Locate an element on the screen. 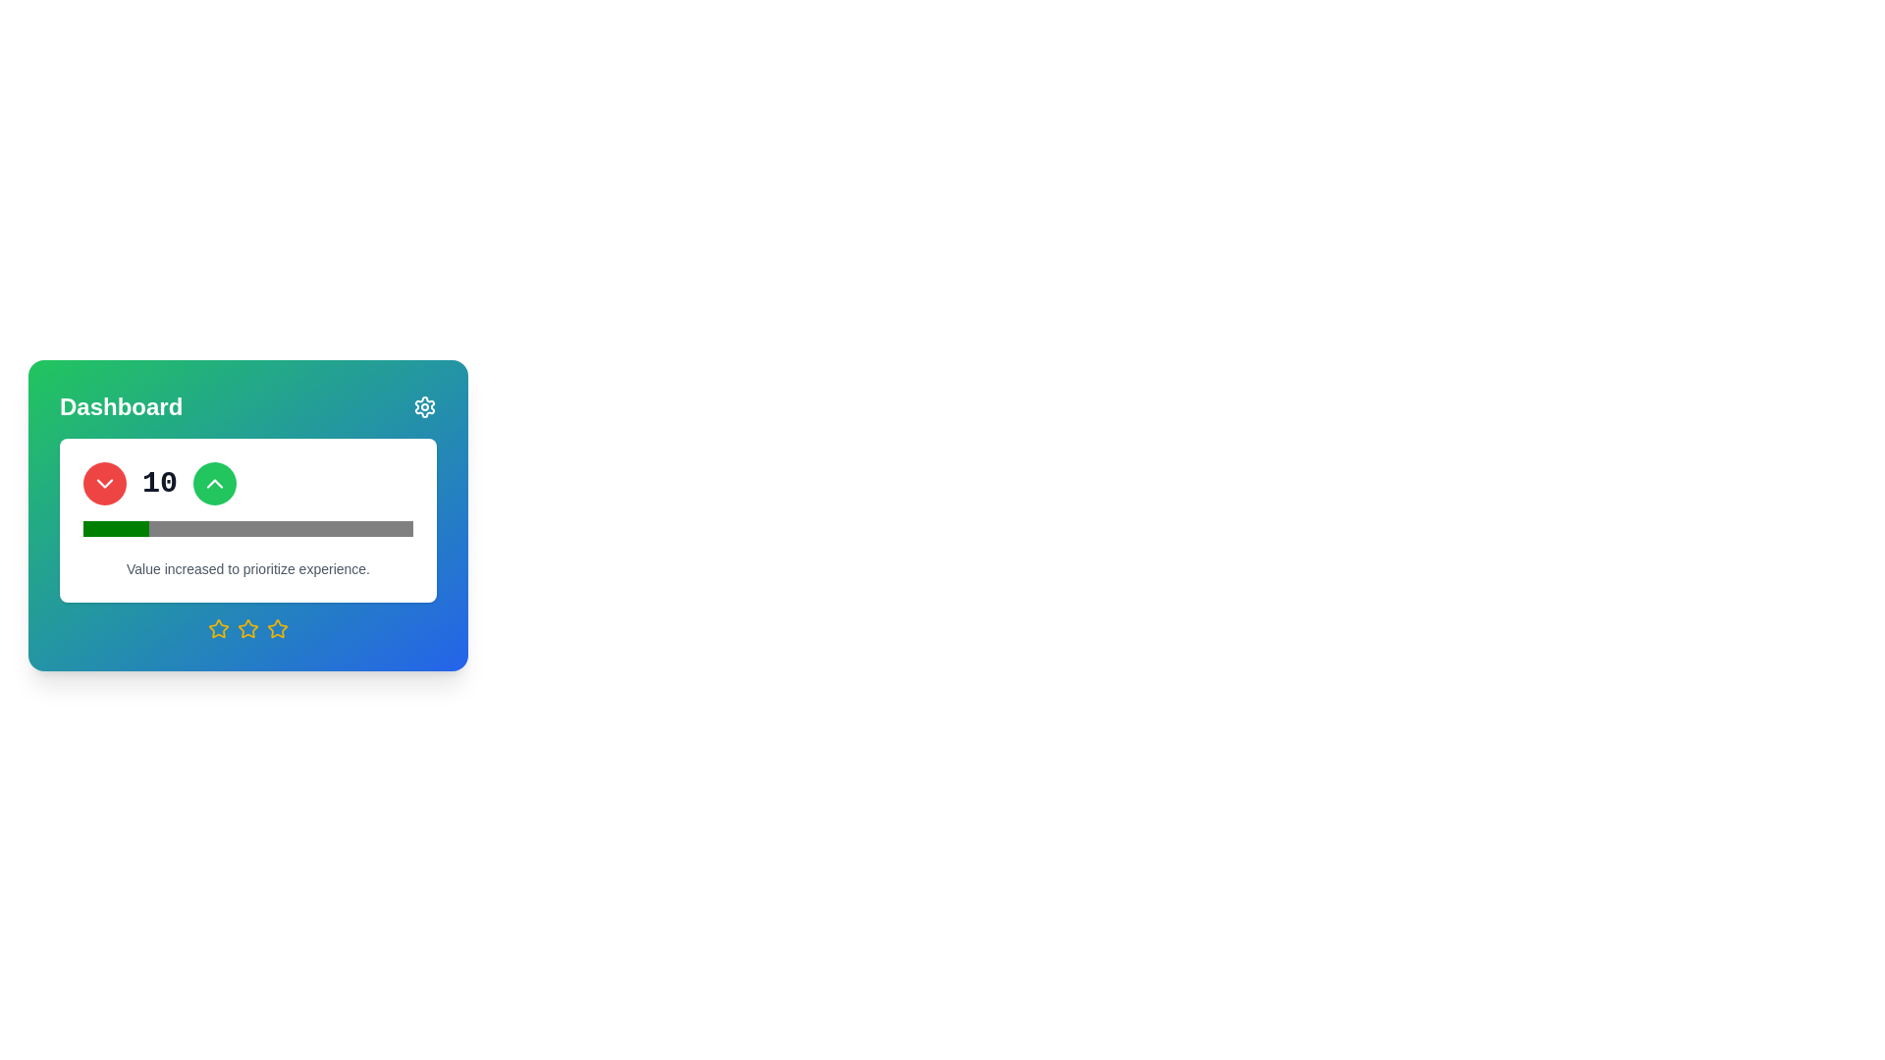 The image size is (1885, 1060). the yellow outlined star icon, which is the second star from the left in a row of five star icons is located at coordinates (218, 628).